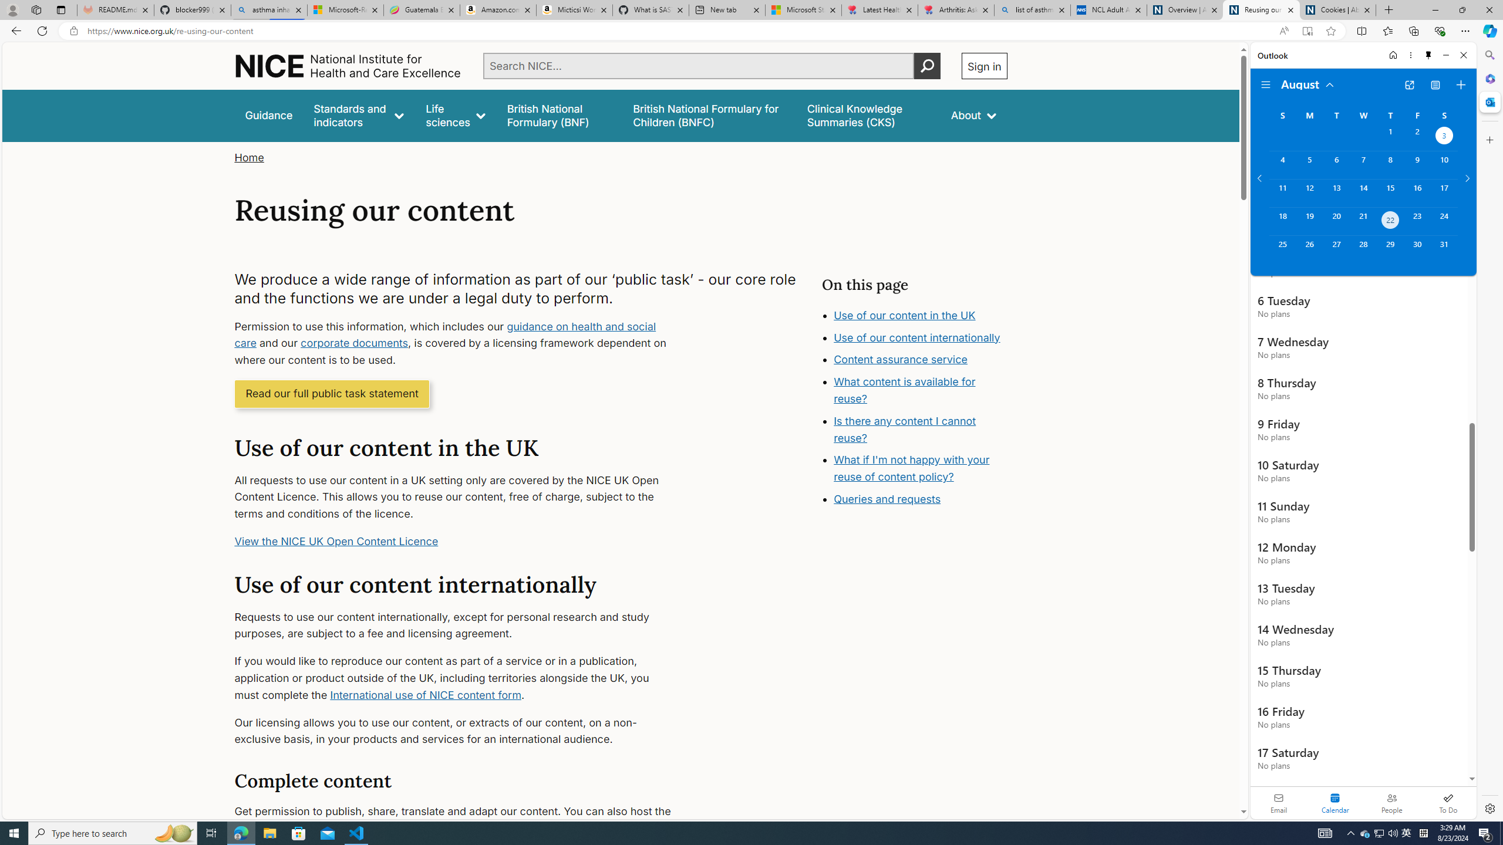 This screenshot has width=1503, height=845. What do you see at coordinates (1417, 137) in the screenshot?
I see `'Friday, August 2, 2024. '` at bounding box center [1417, 137].